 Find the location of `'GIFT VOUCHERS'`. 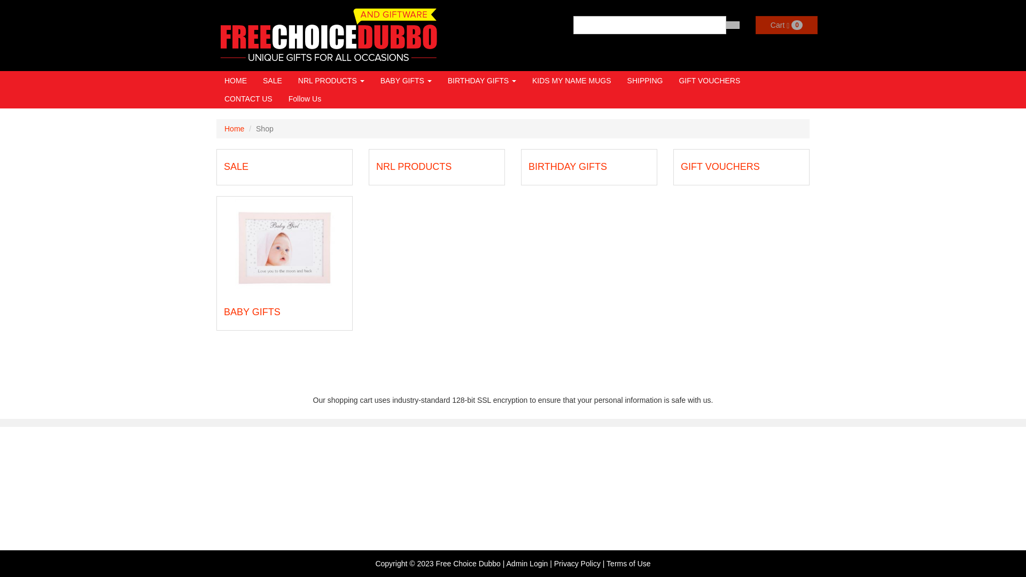

'GIFT VOUCHERS' is located at coordinates (720, 167).